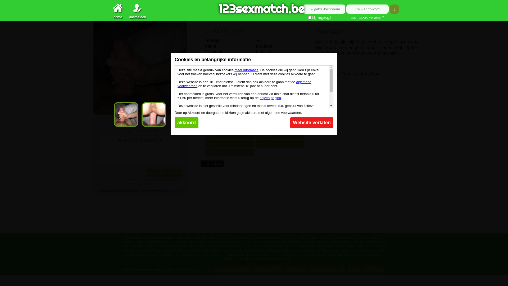 The height and width of the screenshot is (286, 508). I want to click on 'meer informatie', so click(246, 70).